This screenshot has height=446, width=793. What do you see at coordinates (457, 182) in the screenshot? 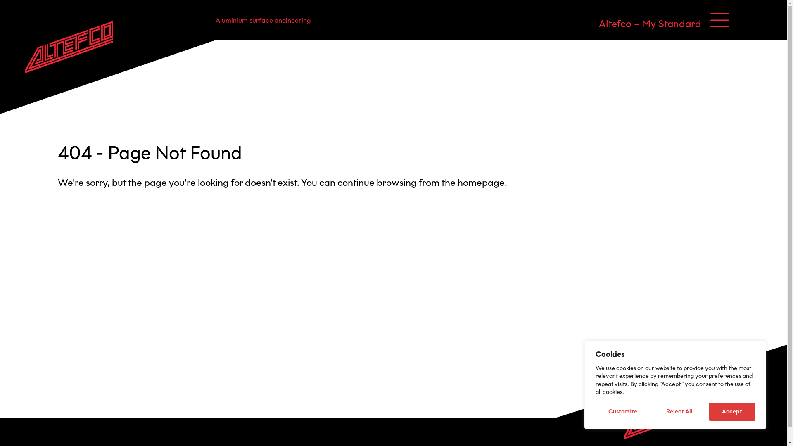
I see `'homepage'` at bounding box center [457, 182].